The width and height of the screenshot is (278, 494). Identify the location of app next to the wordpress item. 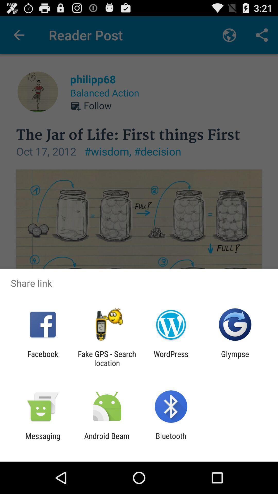
(107, 358).